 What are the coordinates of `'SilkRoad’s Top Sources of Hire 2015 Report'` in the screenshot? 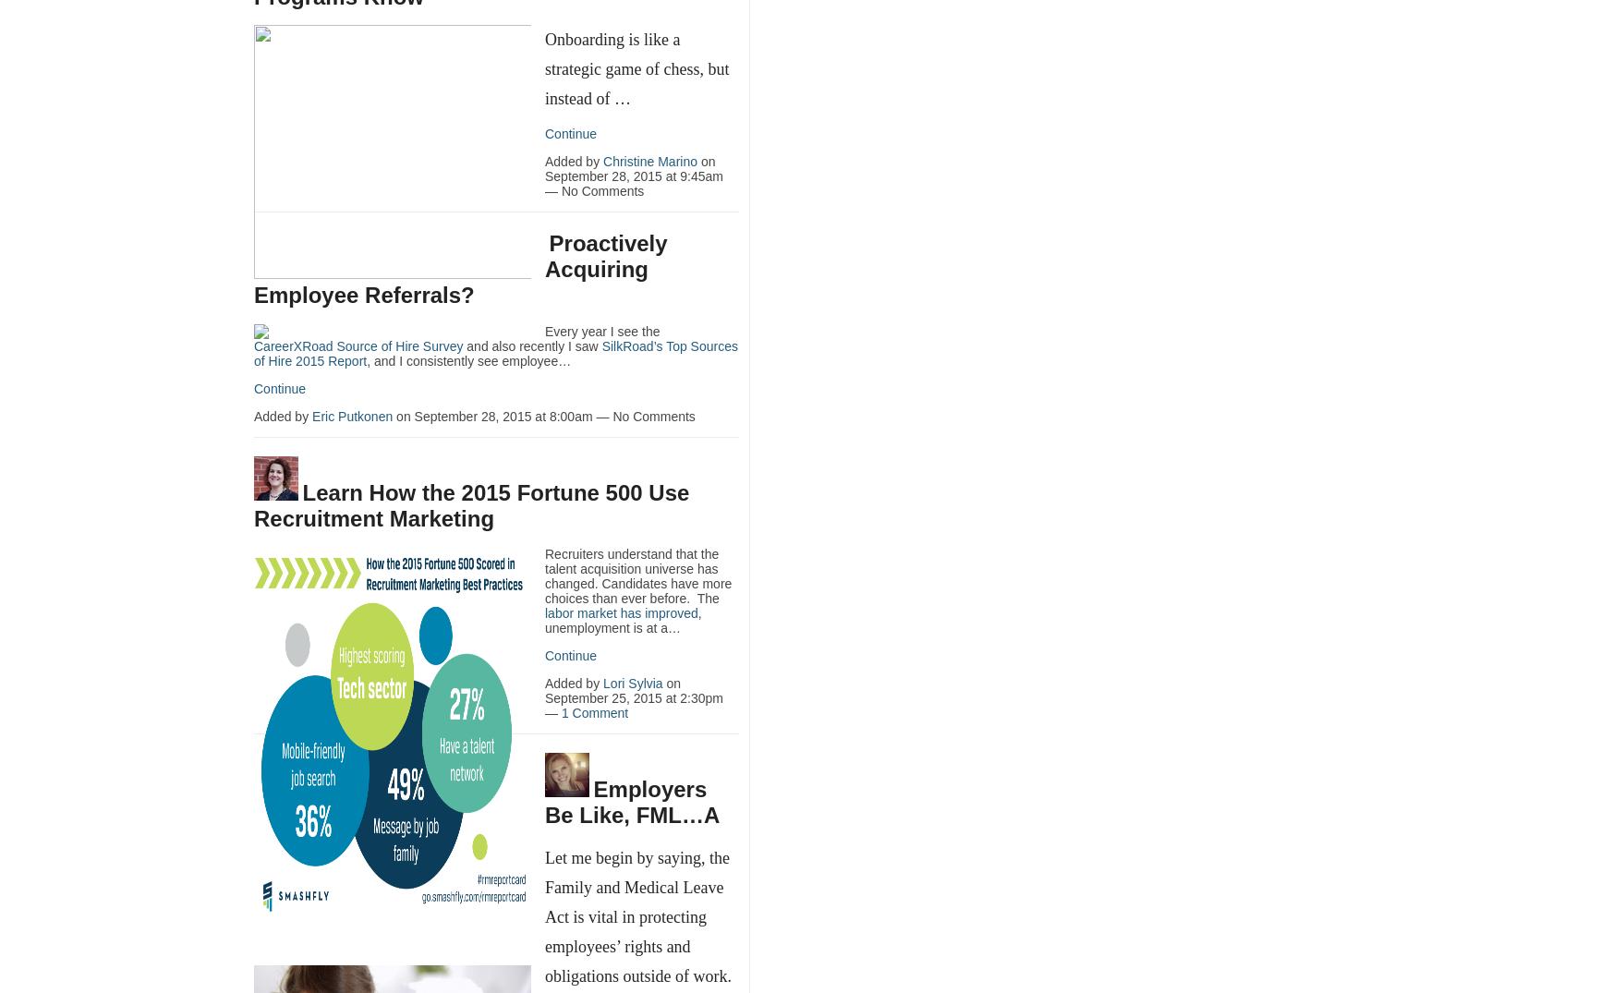 It's located at (495, 352).